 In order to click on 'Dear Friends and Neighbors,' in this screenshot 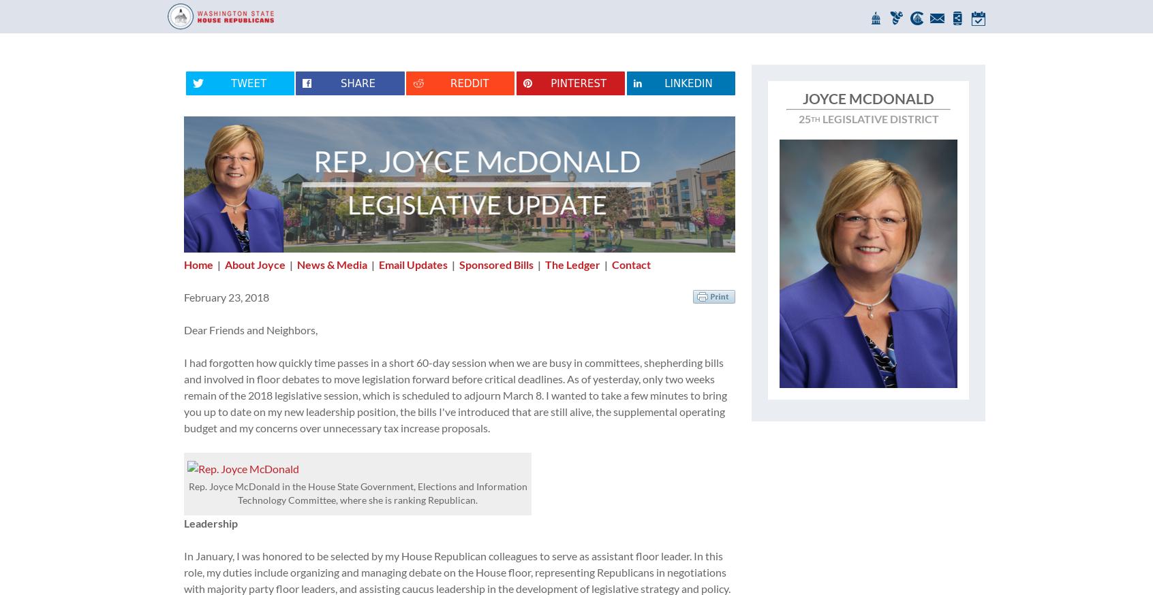, I will do `click(251, 329)`.